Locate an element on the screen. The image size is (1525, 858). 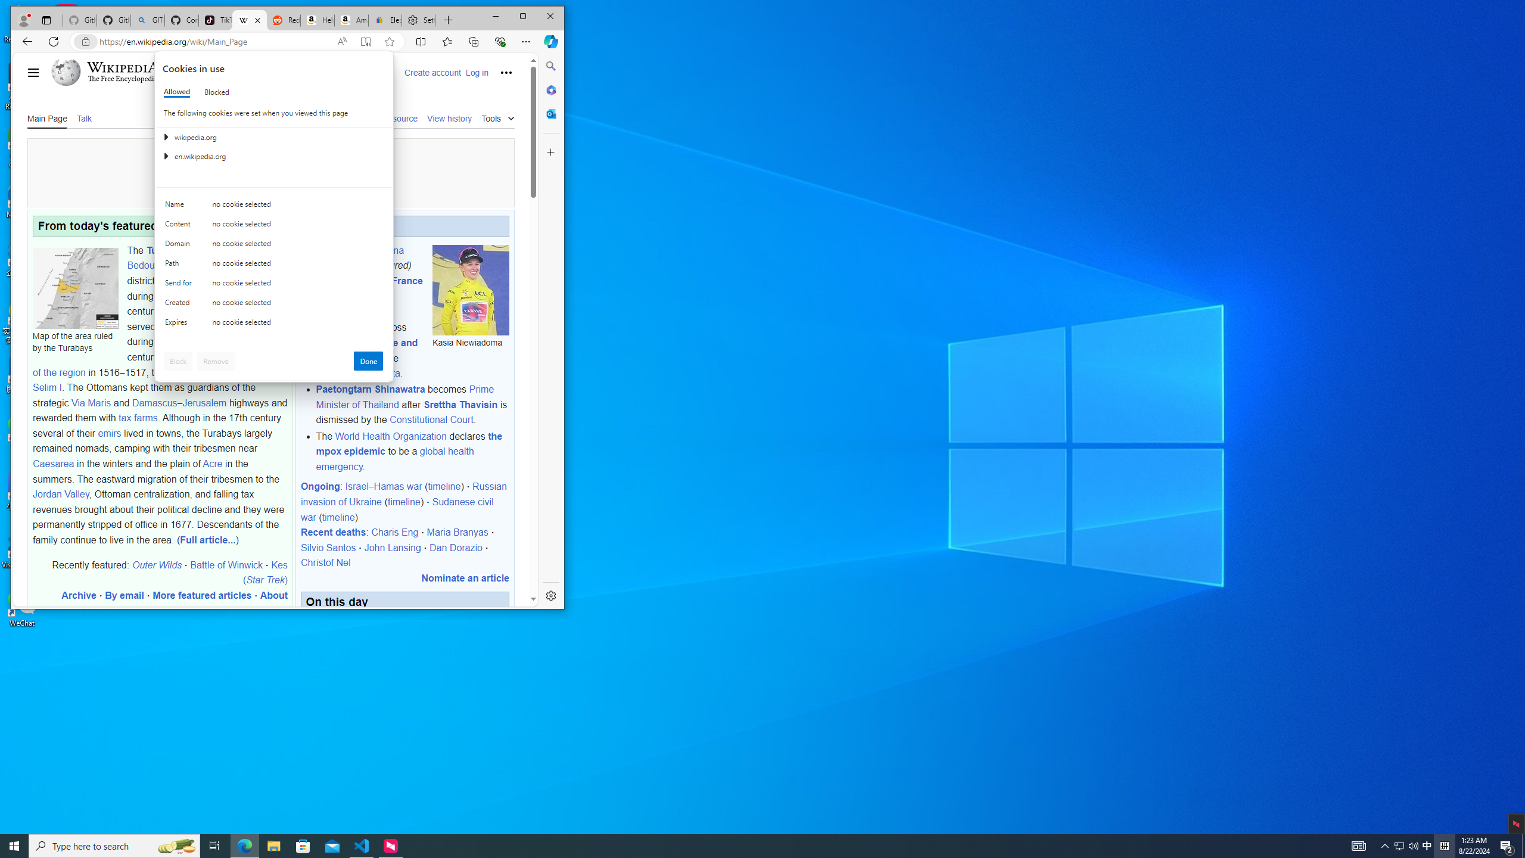
'Visual Studio Code - 1 running window' is located at coordinates (362, 845).